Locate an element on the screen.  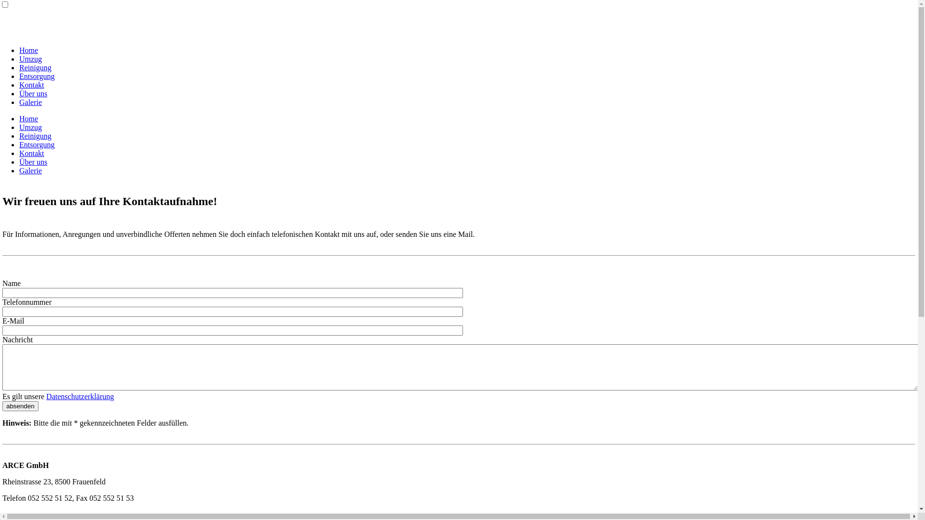
'Reinigung' is located at coordinates (35, 67).